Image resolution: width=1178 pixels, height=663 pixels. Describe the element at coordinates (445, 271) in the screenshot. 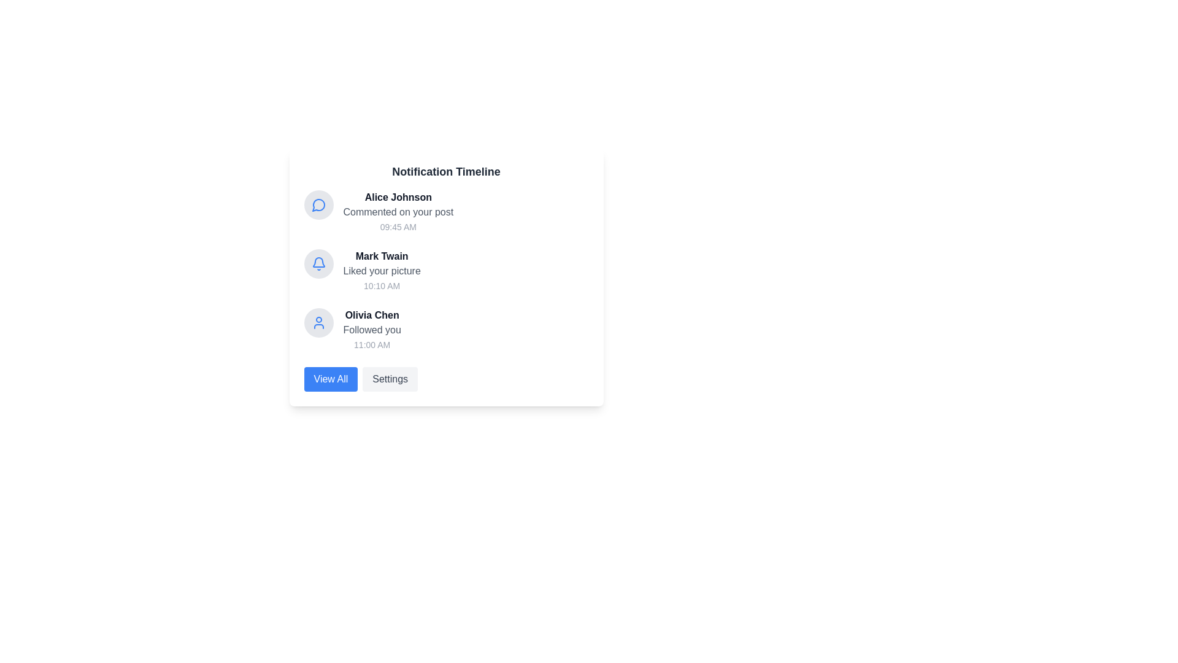

I see `the second notification in the Notification Timeline panel that informs the user that 'Mark Twain' liked their picture` at that location.